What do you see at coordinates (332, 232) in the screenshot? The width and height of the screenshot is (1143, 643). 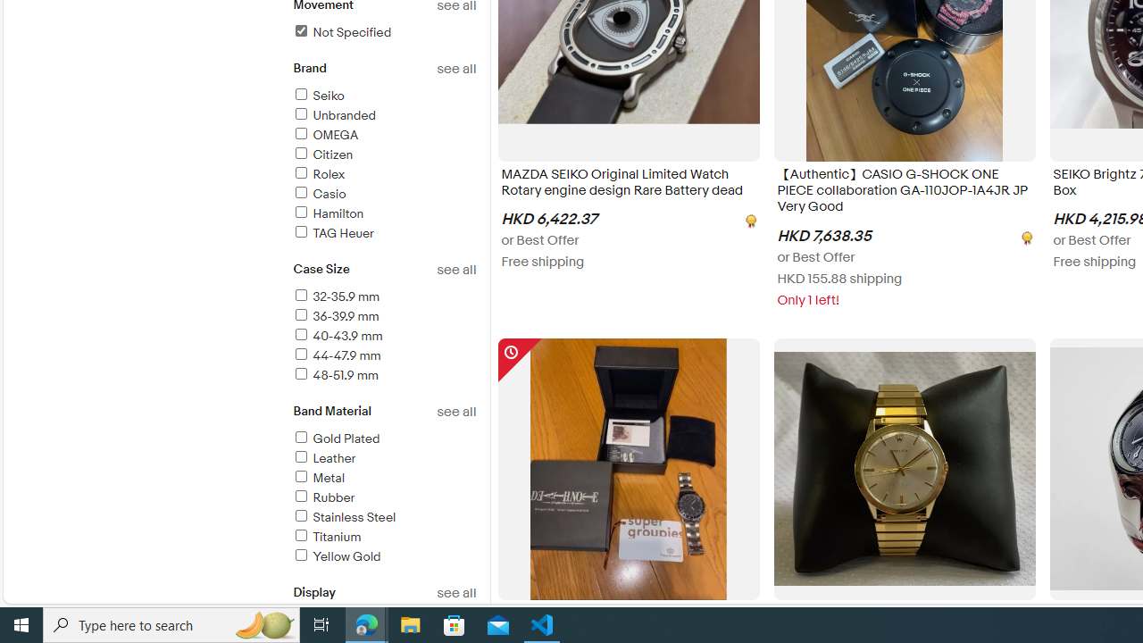 I see `'TAG Heuer'` at bounding box center [332, 232].